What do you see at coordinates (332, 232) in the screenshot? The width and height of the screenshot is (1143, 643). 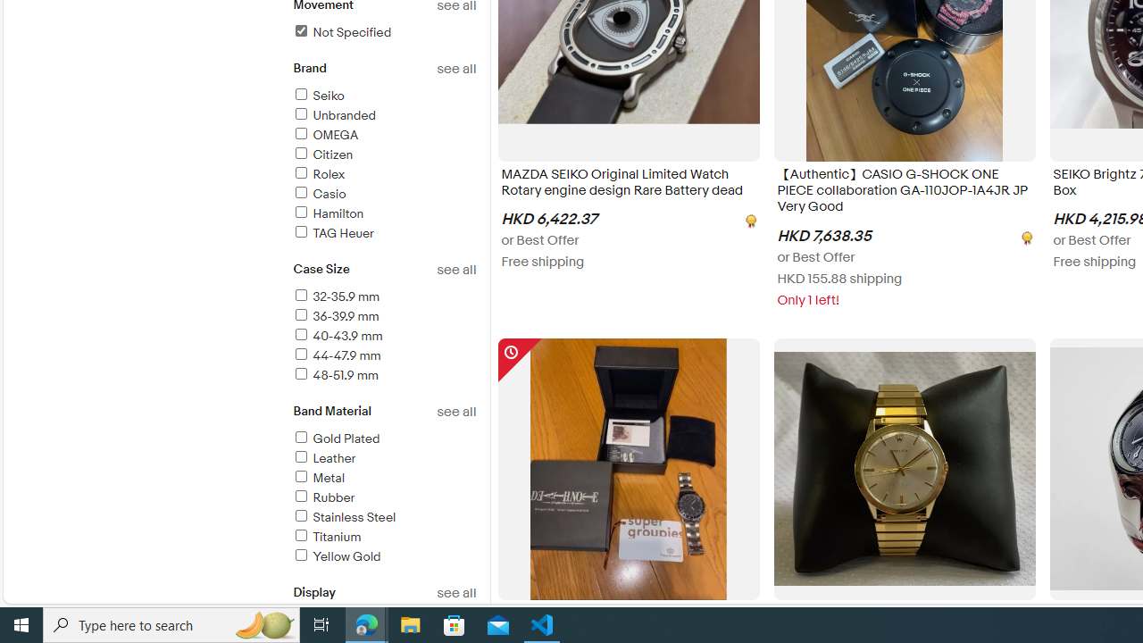 I see `'TAG Heuer'` at bounding box center [332, 232].